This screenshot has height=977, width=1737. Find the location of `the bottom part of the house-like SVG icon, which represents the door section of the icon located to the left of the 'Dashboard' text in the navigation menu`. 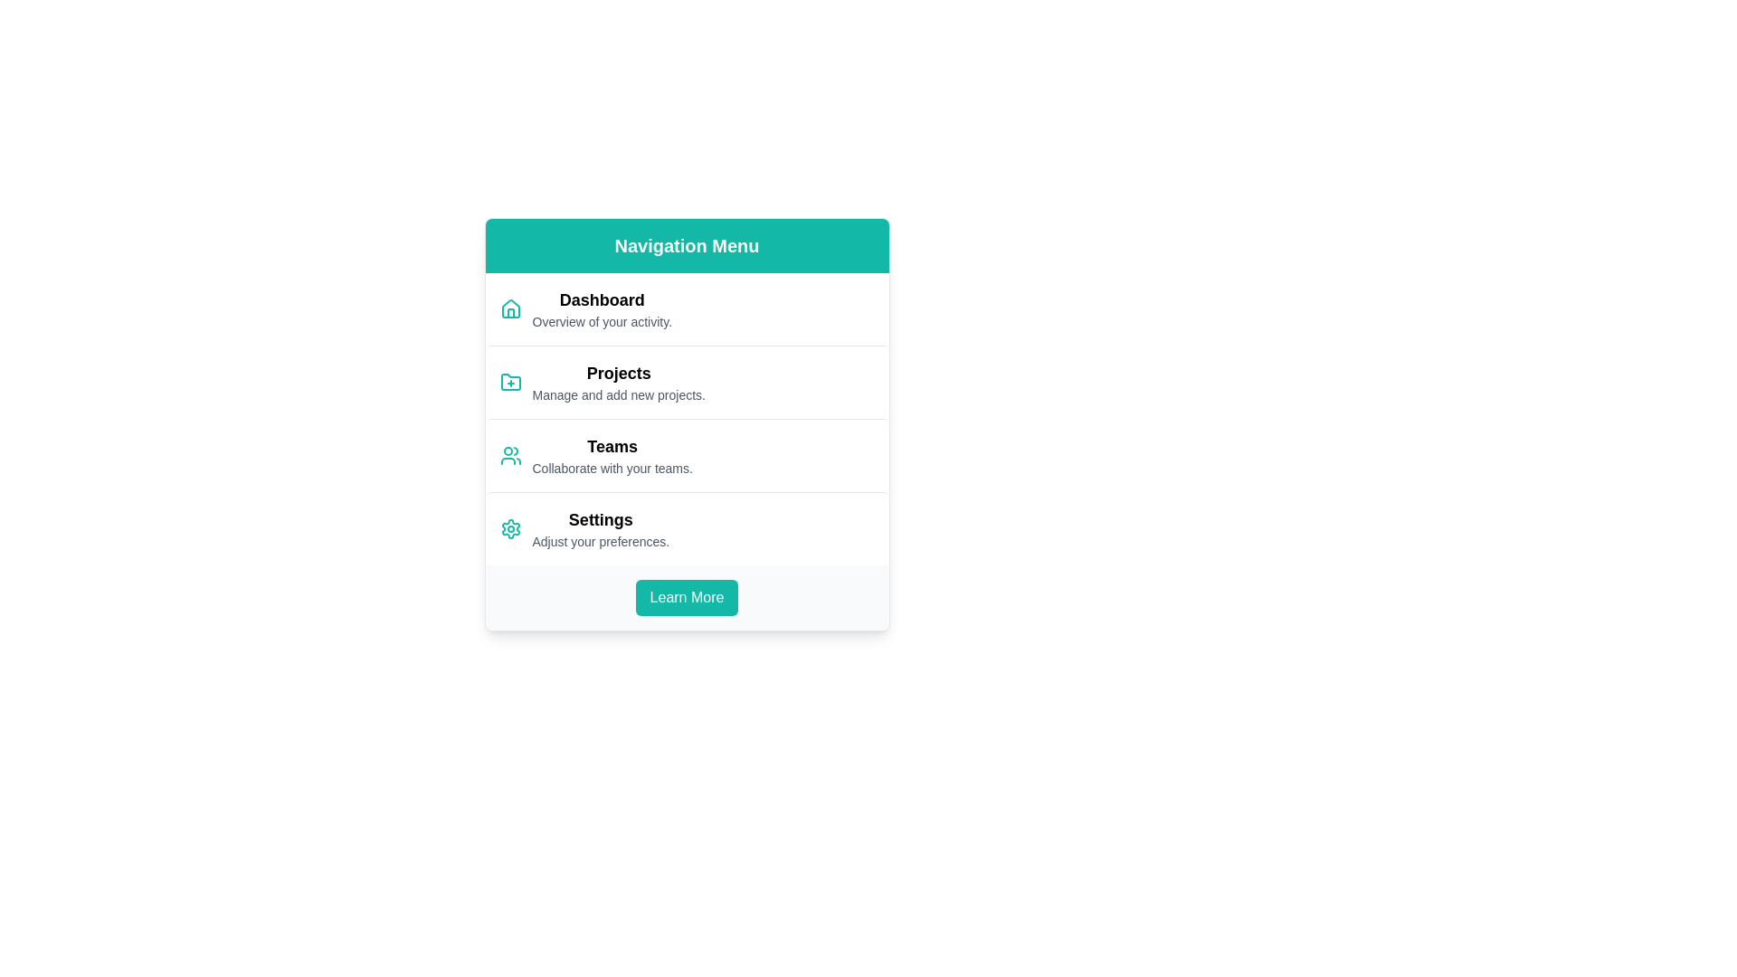

the bottom part of the house-like SVG icon, which represents the door section of the icon located to the left of the 'Dashboard' text in the navigation menu is located at coordinates (509, 312).